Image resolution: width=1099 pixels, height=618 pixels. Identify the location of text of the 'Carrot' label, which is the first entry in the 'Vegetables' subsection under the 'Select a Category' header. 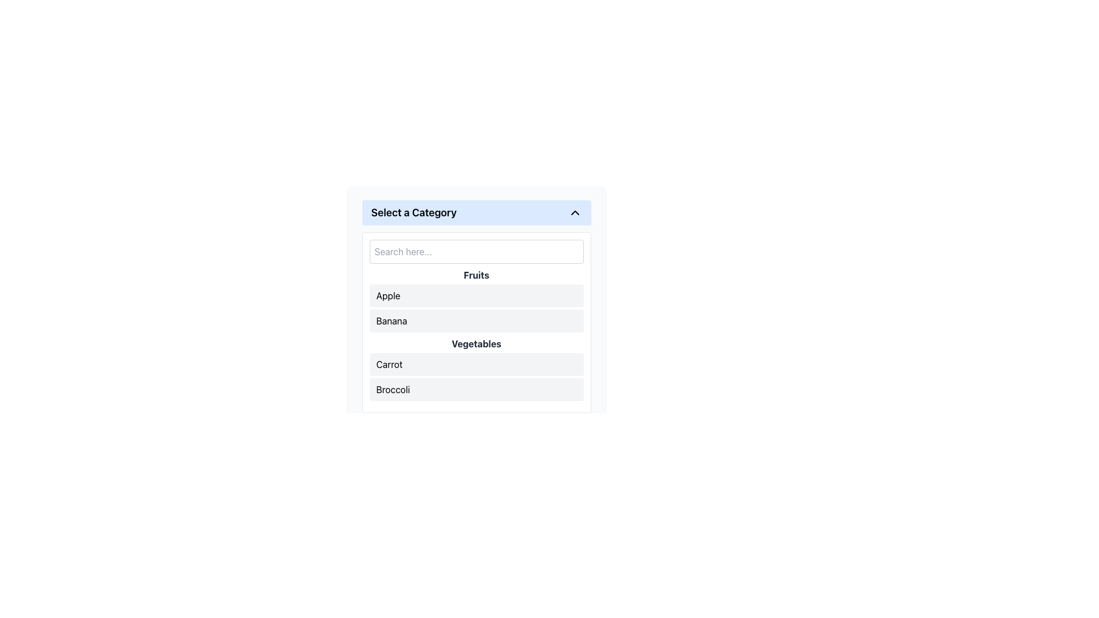
(389, 364).